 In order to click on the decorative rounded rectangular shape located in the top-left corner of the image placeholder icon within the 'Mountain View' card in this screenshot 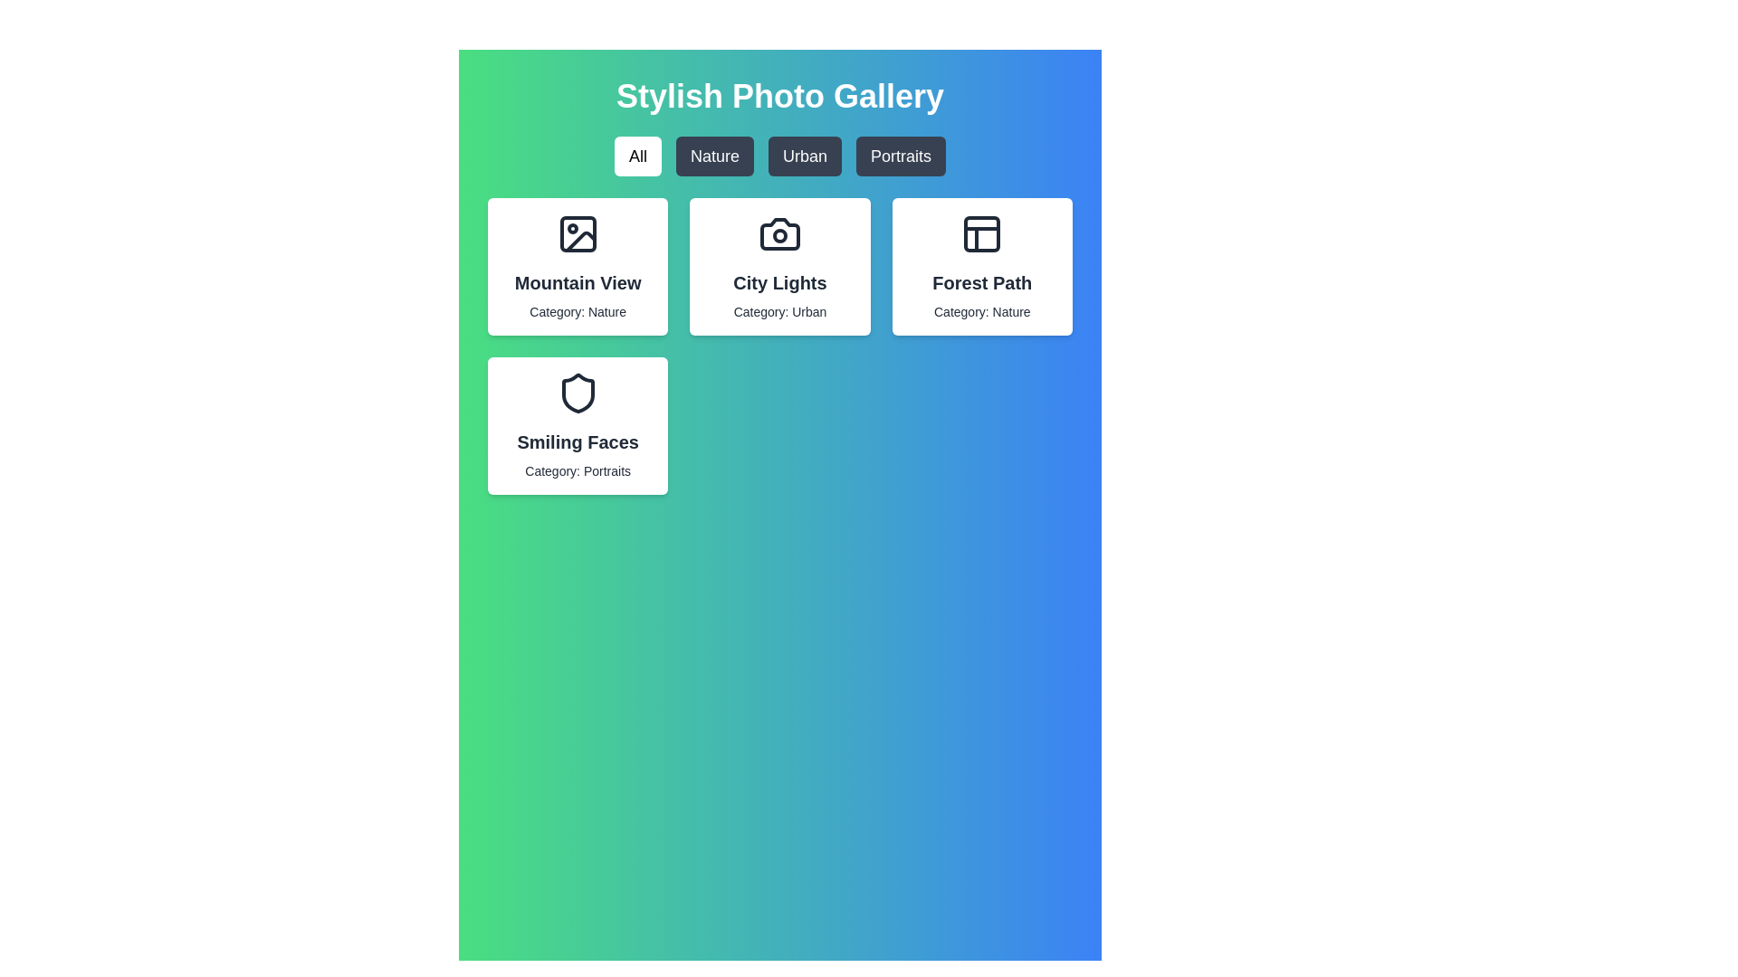, I will do `click(577, 232)`.